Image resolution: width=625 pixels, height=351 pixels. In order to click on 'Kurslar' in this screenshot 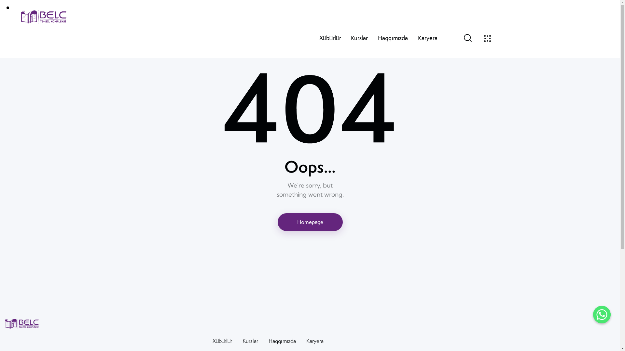, I will do `click(250, 341)`.